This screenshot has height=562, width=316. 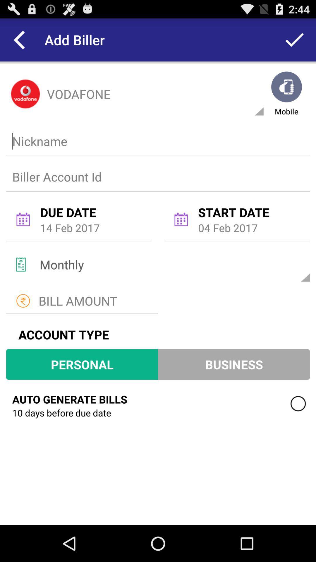 I want to click on the business button, so click(x=233, y=364).